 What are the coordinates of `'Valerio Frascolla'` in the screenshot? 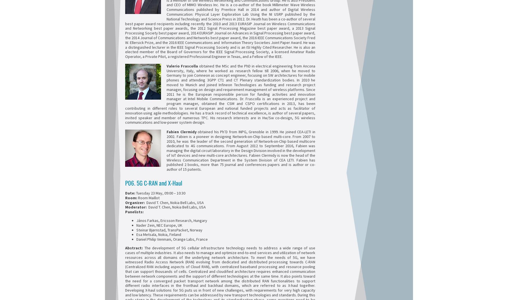 It's located at (166, 65).